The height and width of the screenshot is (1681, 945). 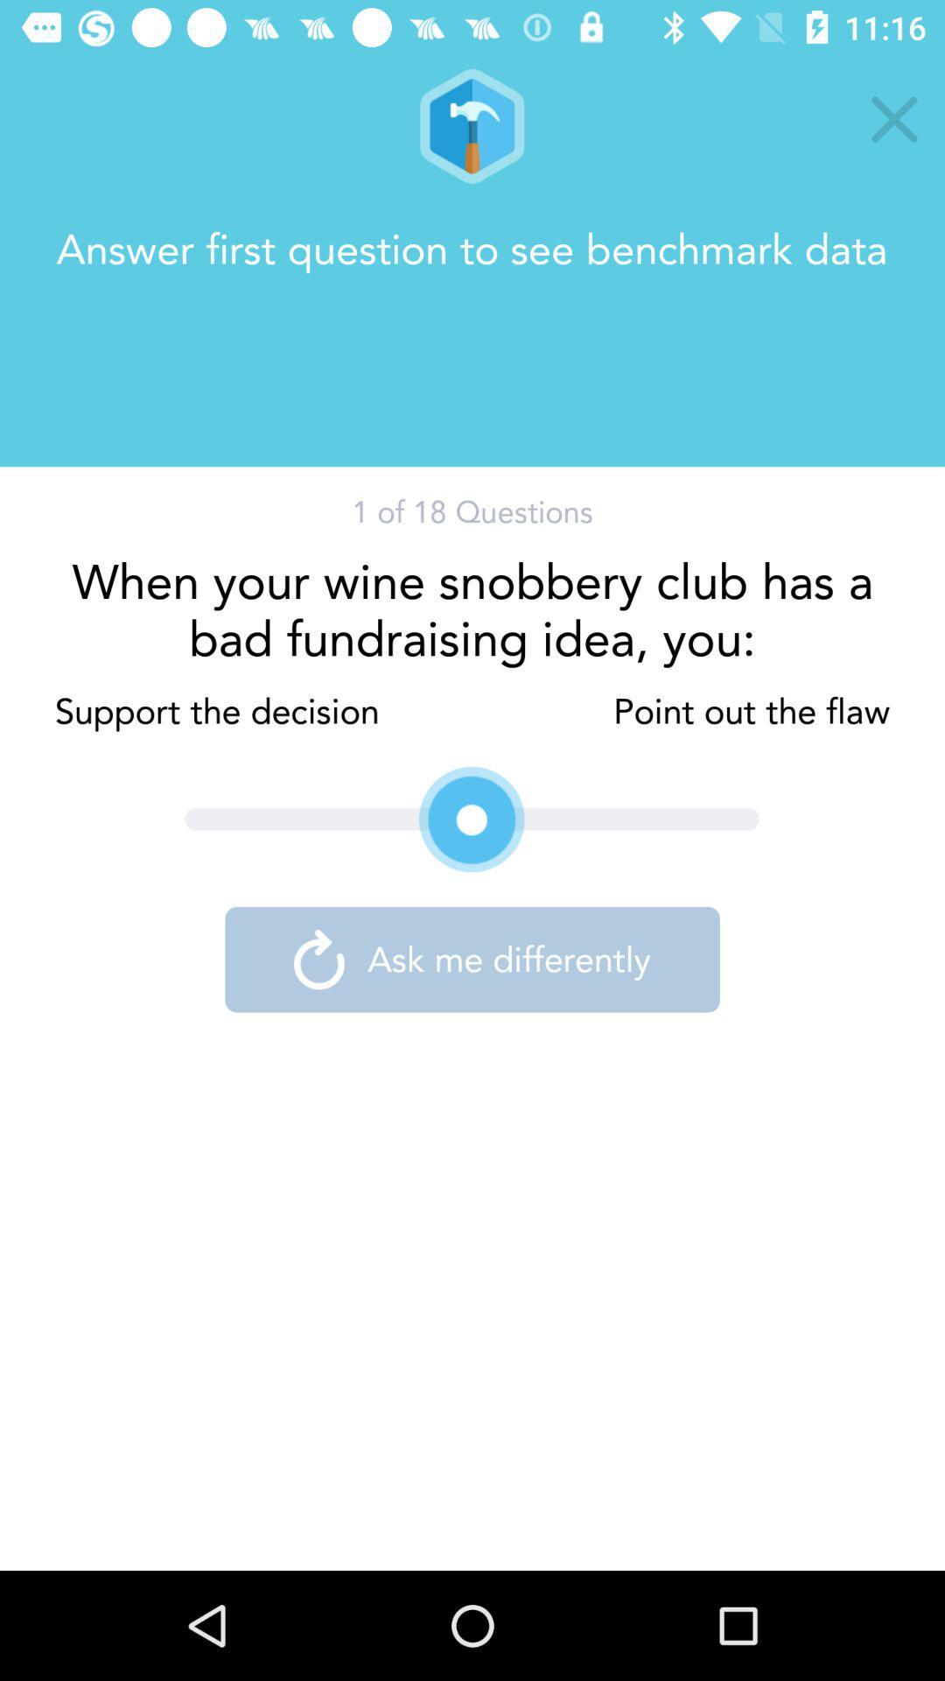 What do you see at coordinates (471, 125) in the screenshot?
I see `hammer icon` at bounding box center [471, 125].